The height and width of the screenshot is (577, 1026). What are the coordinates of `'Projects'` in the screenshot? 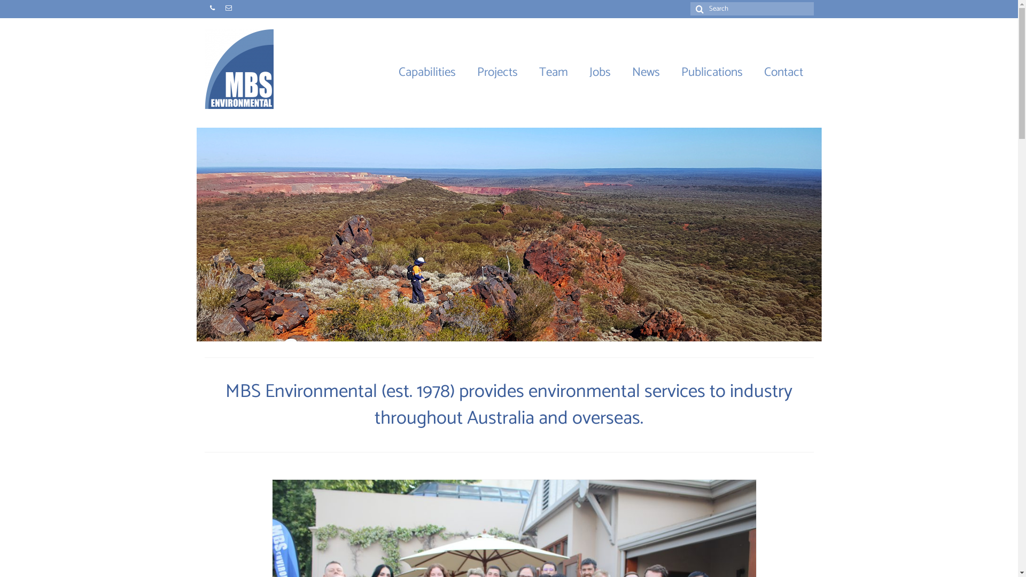 It's located at (466, 72).